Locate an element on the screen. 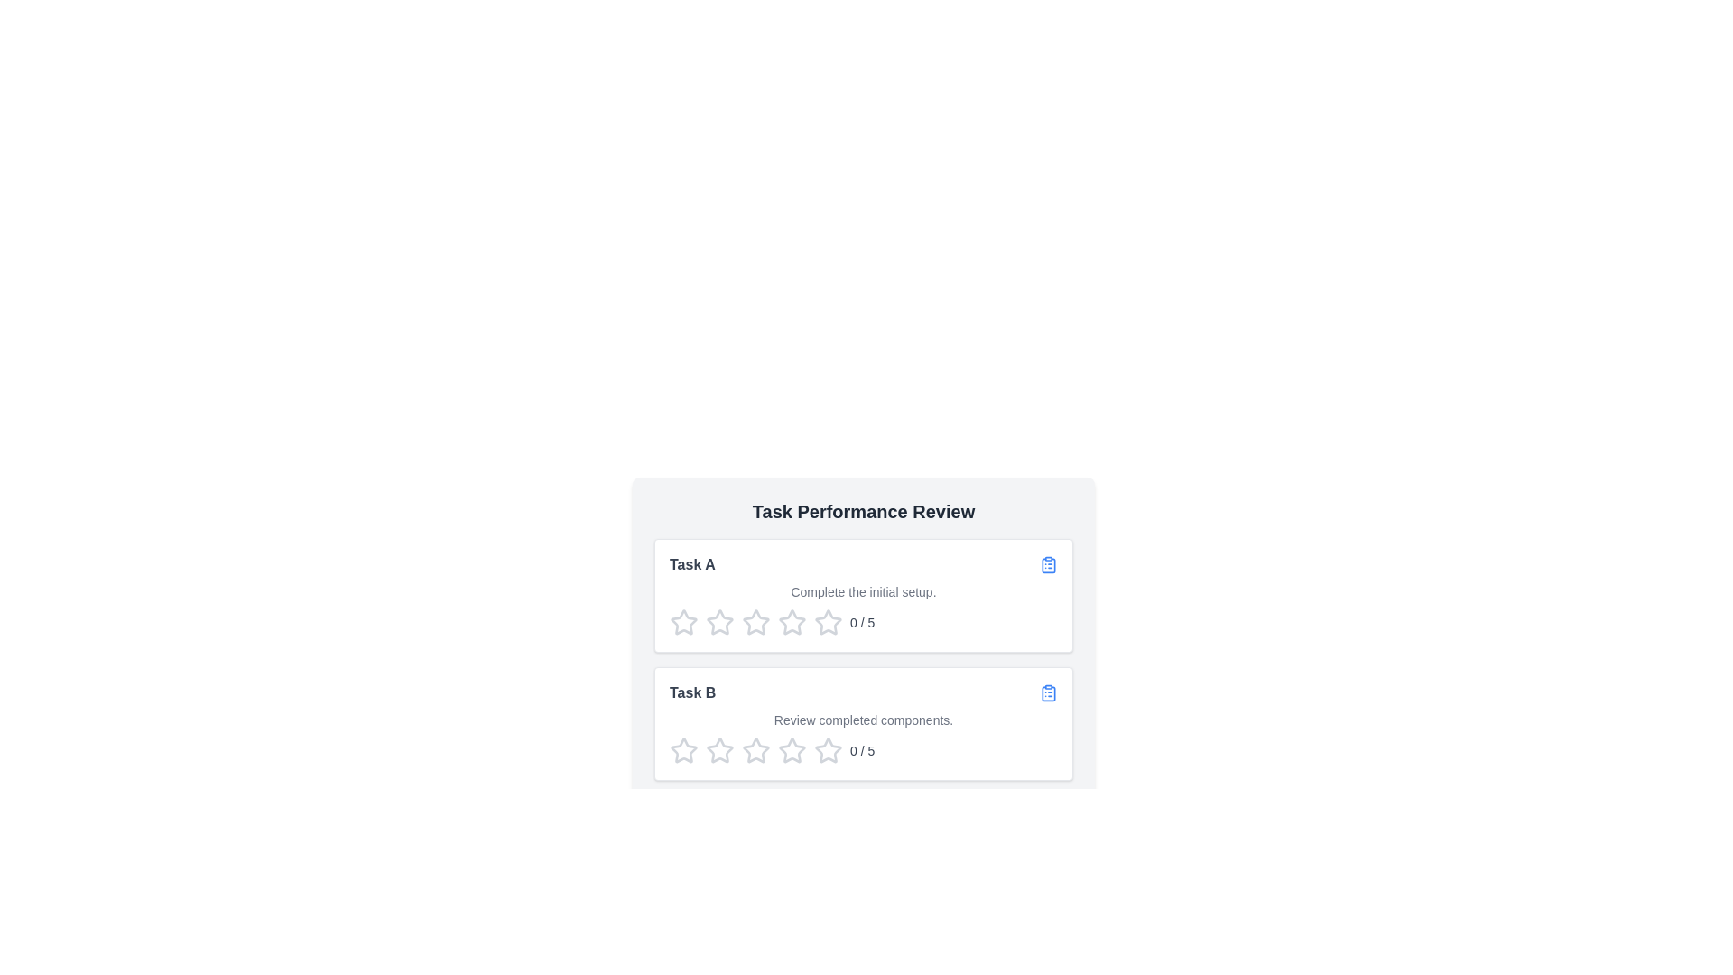 This screenshot has width=1733, height=975. the fifth star in the 5-star rating system within the 'Task A' section of the 'Task Performance Review' interface is located at coordinates (827, 622).